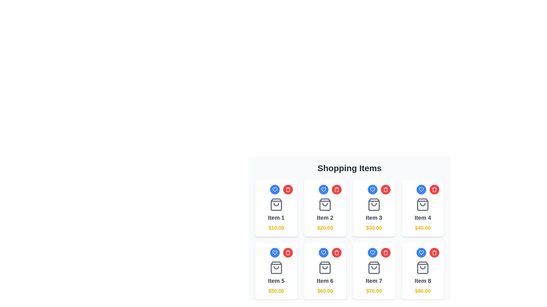 The height and width of the screenshot is (307, 547). I want to click on the 'like' button located at the top-left corner of the item card for 'Item 5' to favorite the item, so click(276, 252).